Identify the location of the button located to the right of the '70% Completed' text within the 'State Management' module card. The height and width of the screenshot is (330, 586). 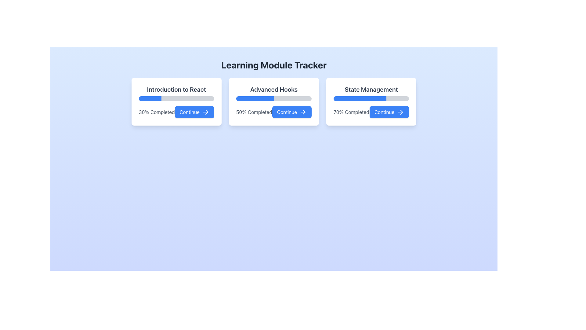
(389, 112).